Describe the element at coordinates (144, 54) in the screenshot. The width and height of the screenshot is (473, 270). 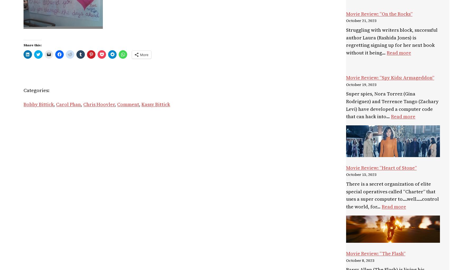
I see `'More'` at that location.